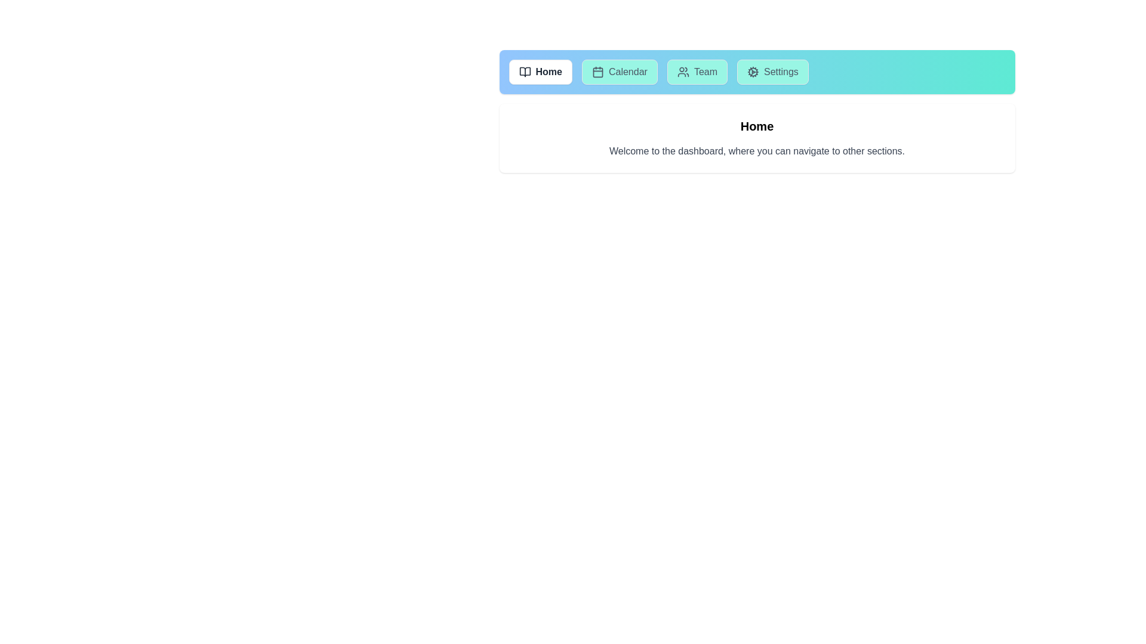  I want to click on the tab labeled Team, so click(697, 72).